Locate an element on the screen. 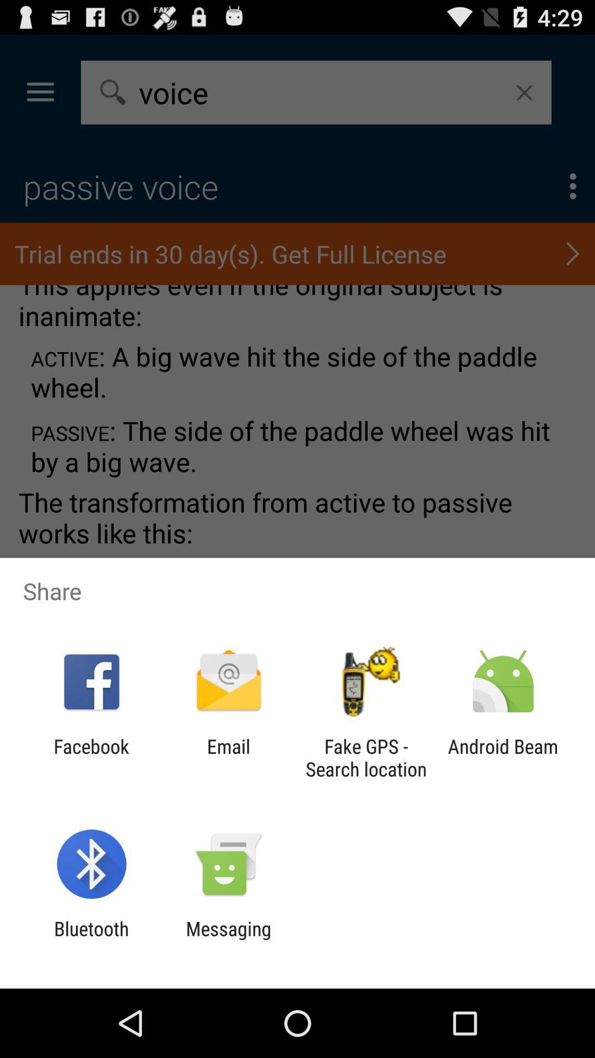 This screenshot has width=595, height=1058. the email item is located at coordinates (228, 757).